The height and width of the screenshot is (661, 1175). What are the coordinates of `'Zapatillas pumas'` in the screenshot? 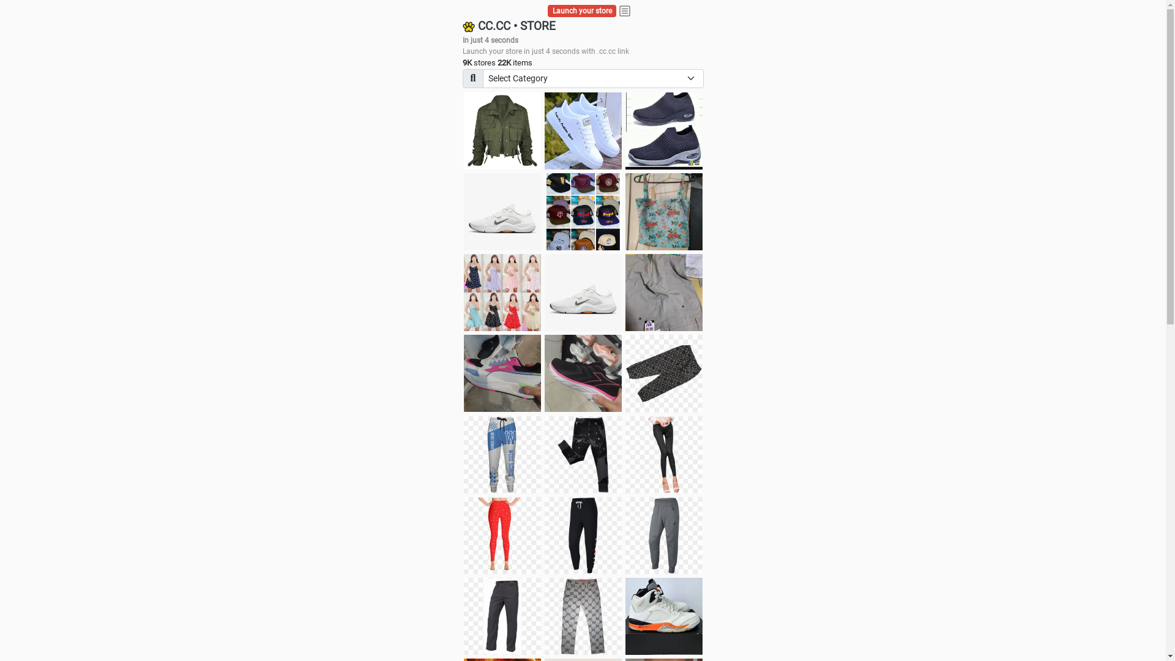 It's located at (463, 372).